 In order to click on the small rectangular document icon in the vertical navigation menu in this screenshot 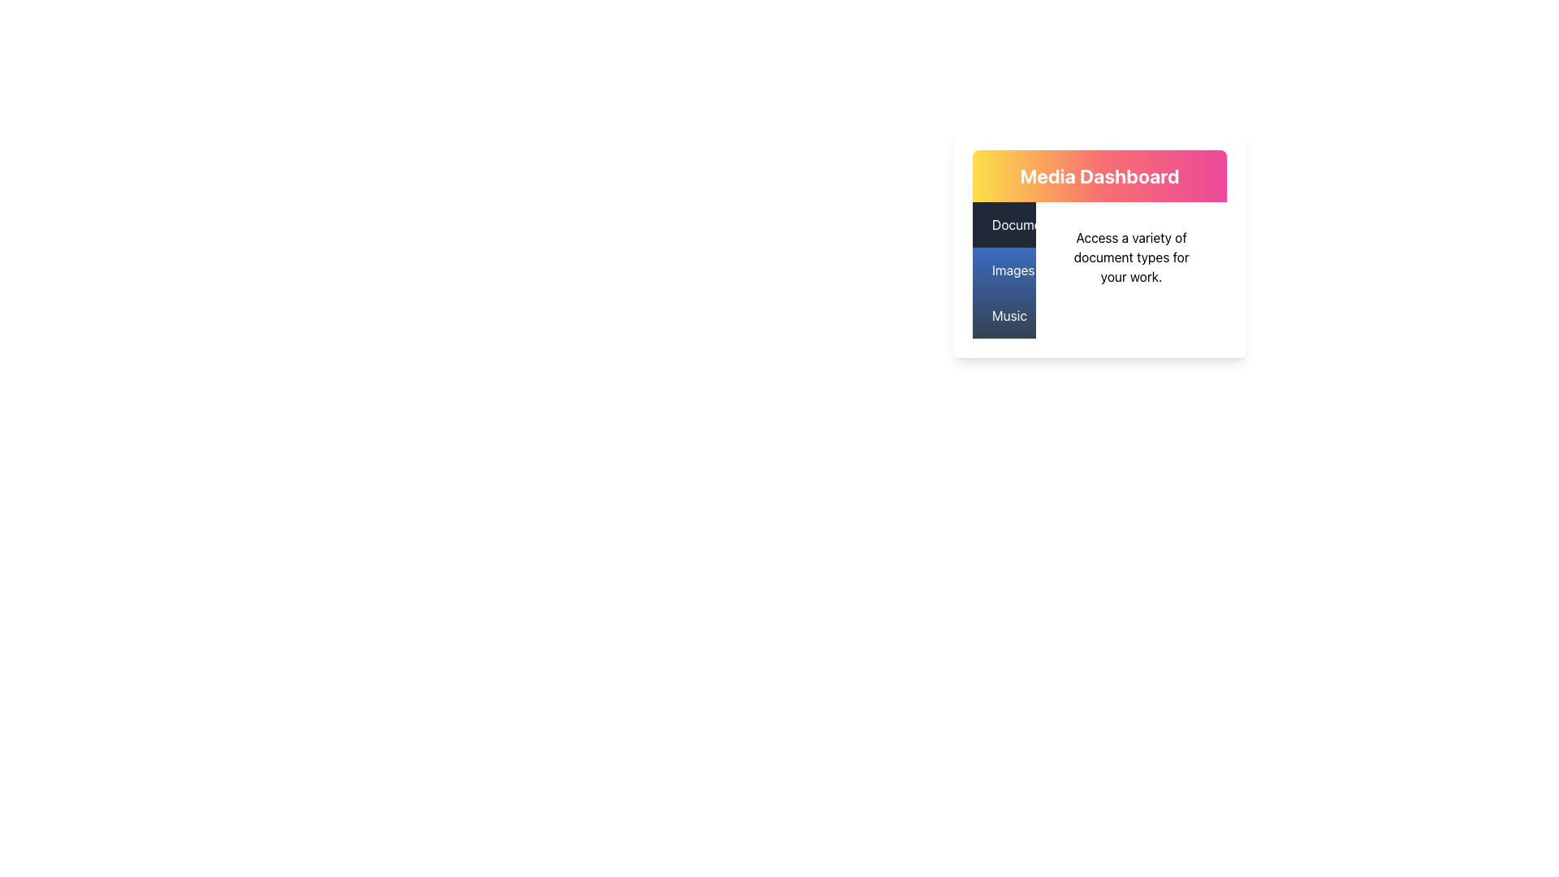, I will do `click(994, 225)`.